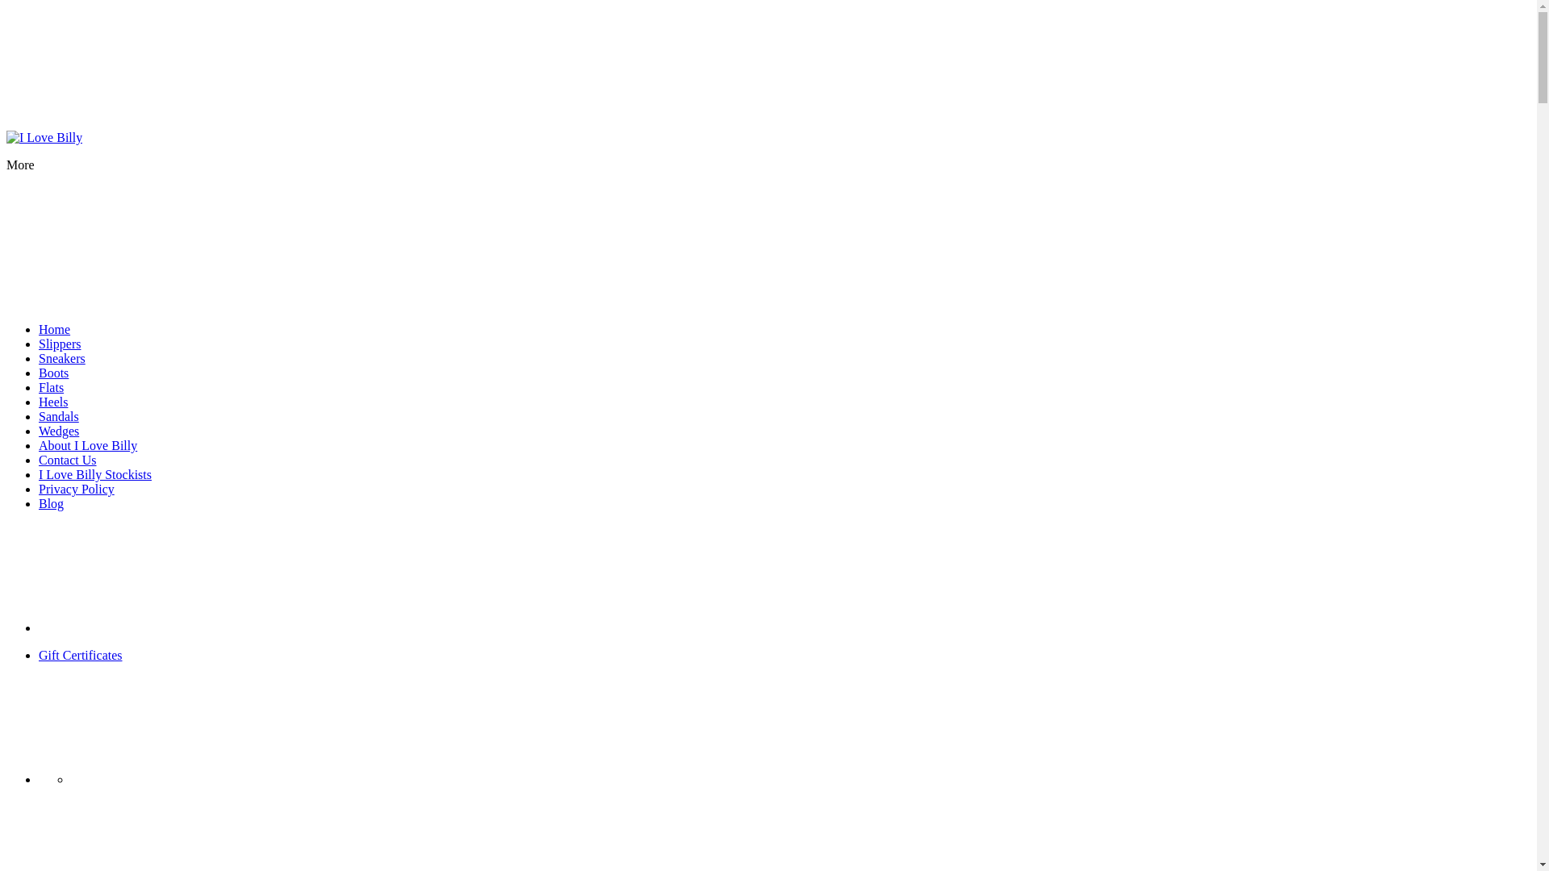 The image size is (1549, 871). What do you see at coordinates (66, 460) in the screenshot?
I see `'Contact Us'` at bounding box center [66, 460].